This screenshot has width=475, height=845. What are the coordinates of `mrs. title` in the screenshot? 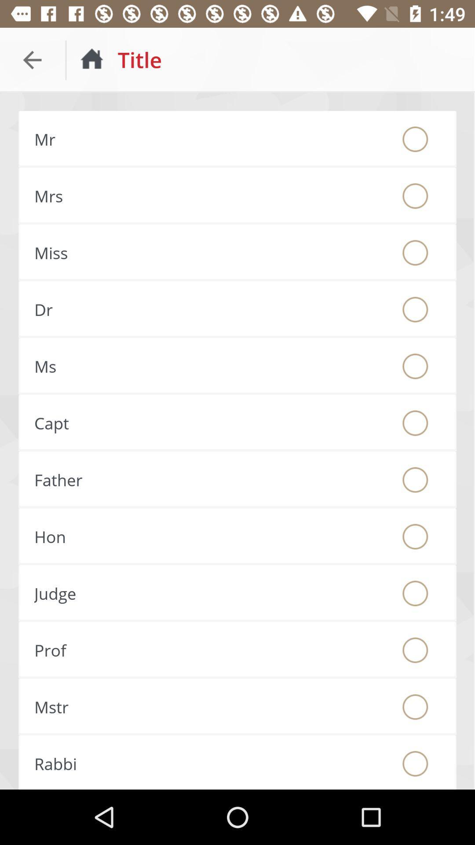 It's located at (415, 195).